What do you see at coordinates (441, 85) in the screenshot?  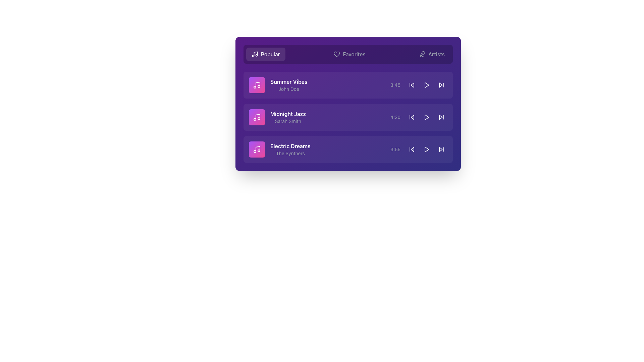 I see `the skip-forward or play-next button located in the rightmost section of the playback controls of the third list item in the music player interface` at bounding box center [441, 85].